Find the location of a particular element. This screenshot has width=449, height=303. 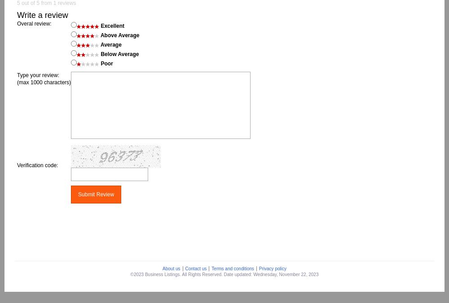

'out of' is located at coordinates (20, 3).